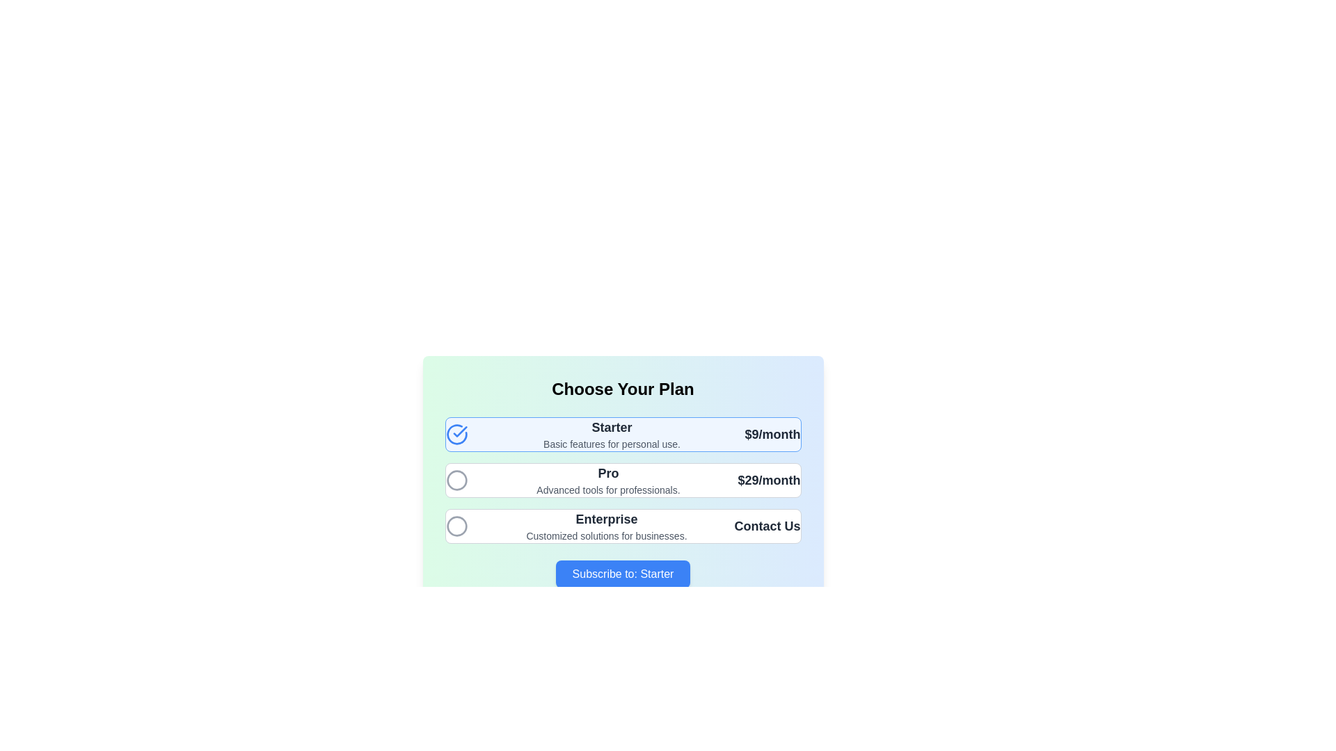 The image size is (1336, 751). What do you see at coordinates (607, 535) in the screenshot?
I see `the static text stating 'Customized solutions for businesses.' located below the 'Enterprise' header in the 'Choose Your Plan' section` at bounding box center [607, 535].